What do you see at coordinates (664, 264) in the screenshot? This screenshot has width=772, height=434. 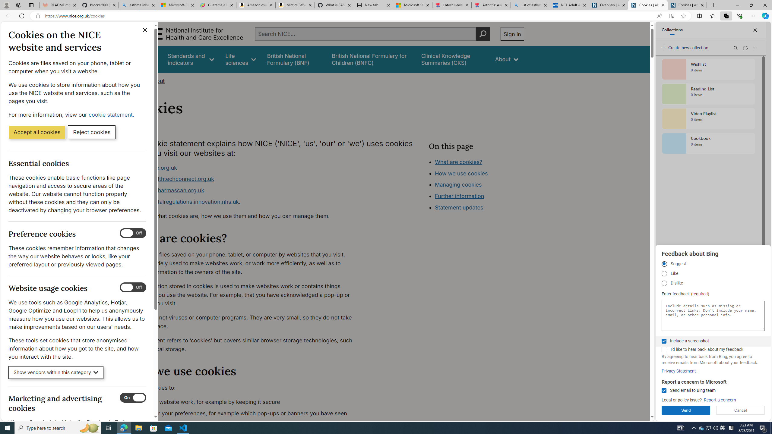 I see `'Suggest'` at bounding box center [664, 264].